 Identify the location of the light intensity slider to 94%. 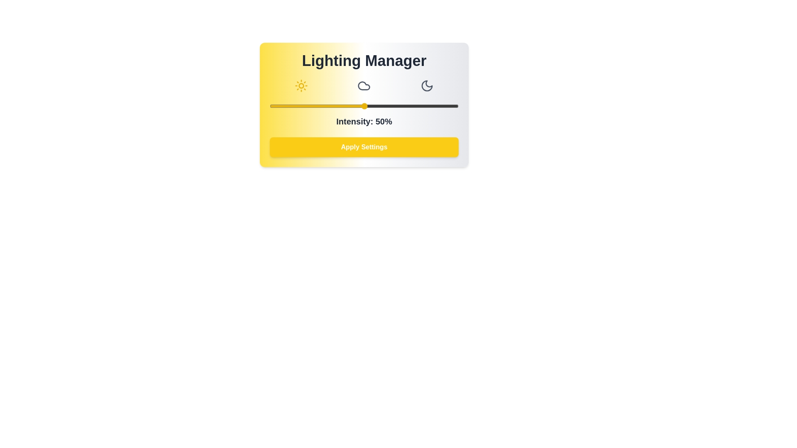
(447, 105).